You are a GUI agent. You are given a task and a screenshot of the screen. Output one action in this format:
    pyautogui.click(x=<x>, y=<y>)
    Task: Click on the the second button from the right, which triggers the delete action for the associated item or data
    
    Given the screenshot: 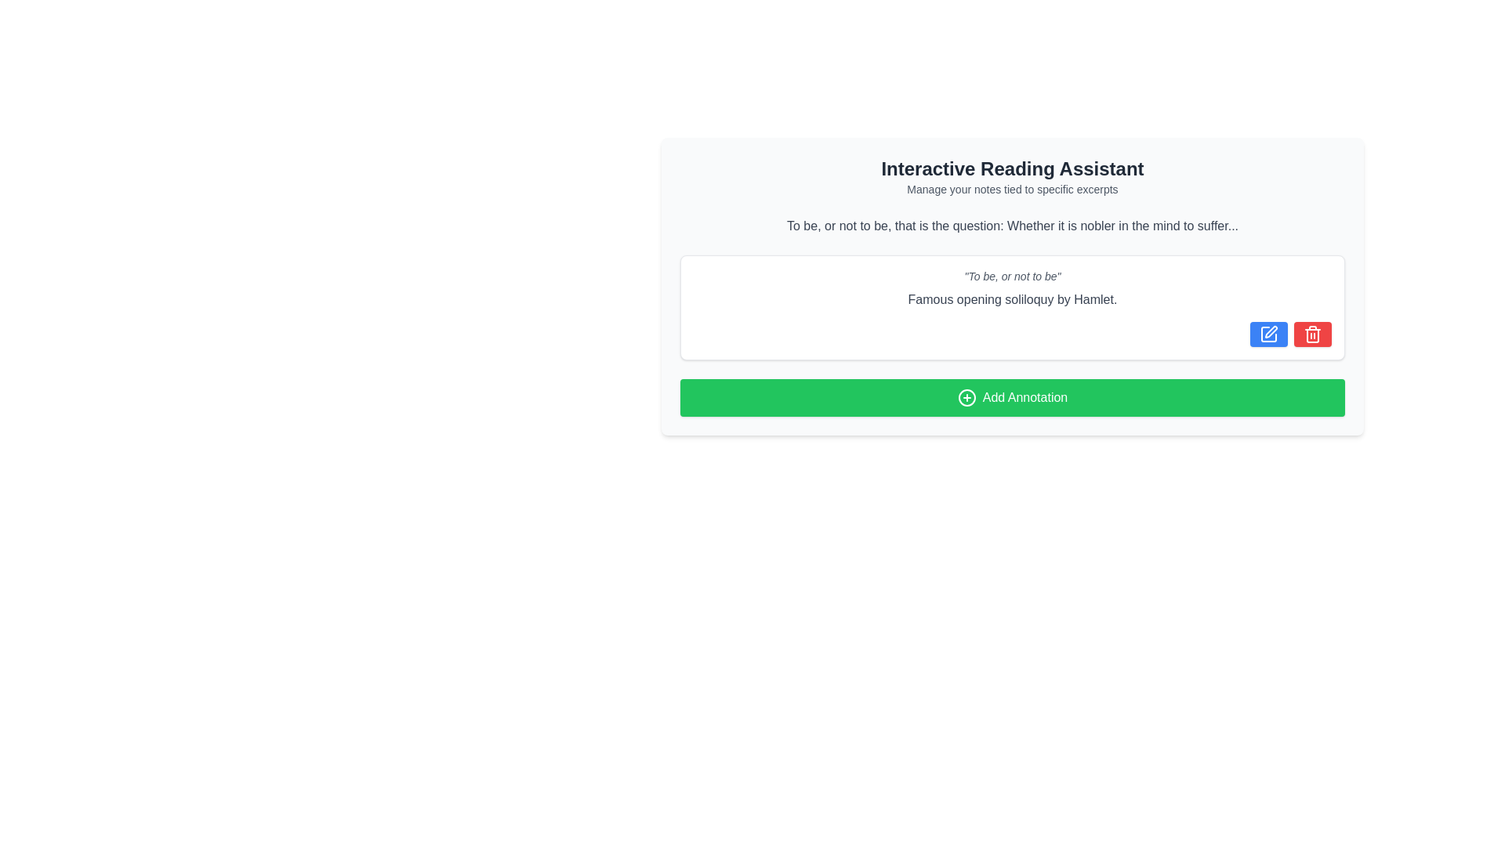 What is the action you would take?
    pyautogui.click(x=1313, y=334)
    